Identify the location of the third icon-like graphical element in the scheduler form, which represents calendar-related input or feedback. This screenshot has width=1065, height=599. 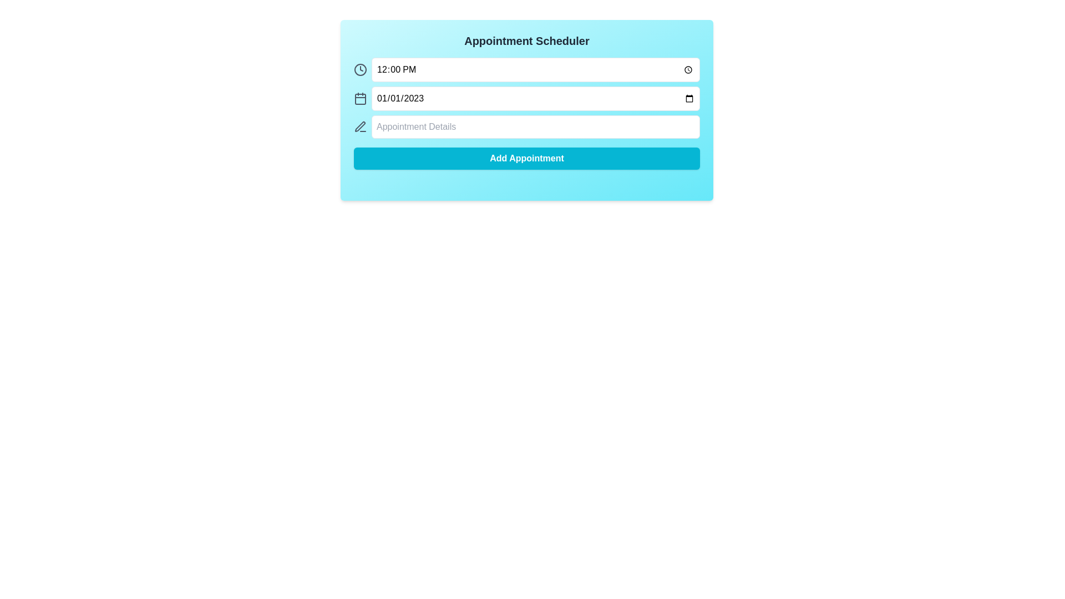
(360, 98).